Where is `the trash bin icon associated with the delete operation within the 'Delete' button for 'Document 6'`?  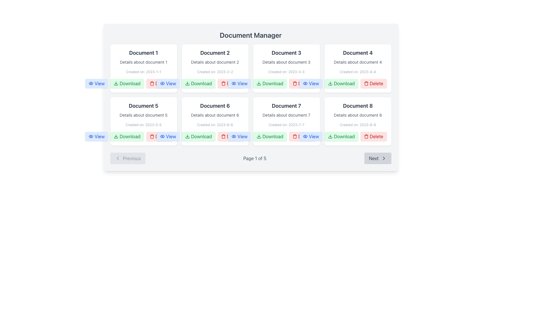
the trash bin icon associated with the delete operation within the 'Delete' button for 'Document 6' is located at coordinates (223, 136).